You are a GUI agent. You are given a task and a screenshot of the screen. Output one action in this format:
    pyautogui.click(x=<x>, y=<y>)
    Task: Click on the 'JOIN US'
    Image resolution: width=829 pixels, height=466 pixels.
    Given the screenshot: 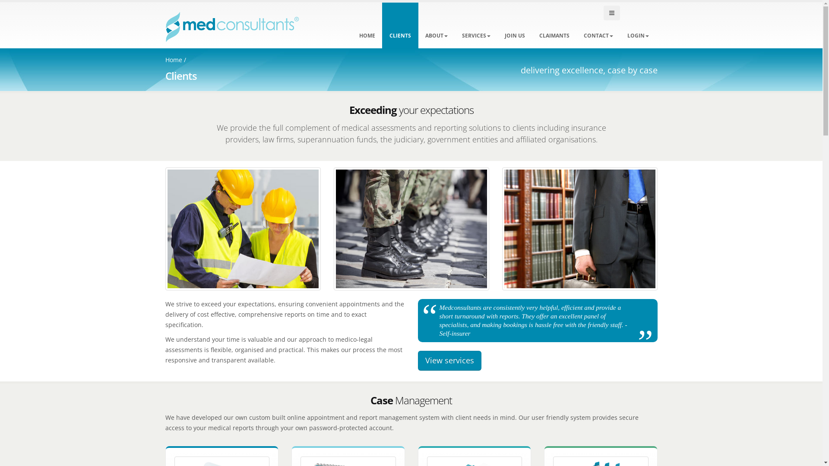 What is the action you would take?
    pyautogui.click(x=515, y=25)
    